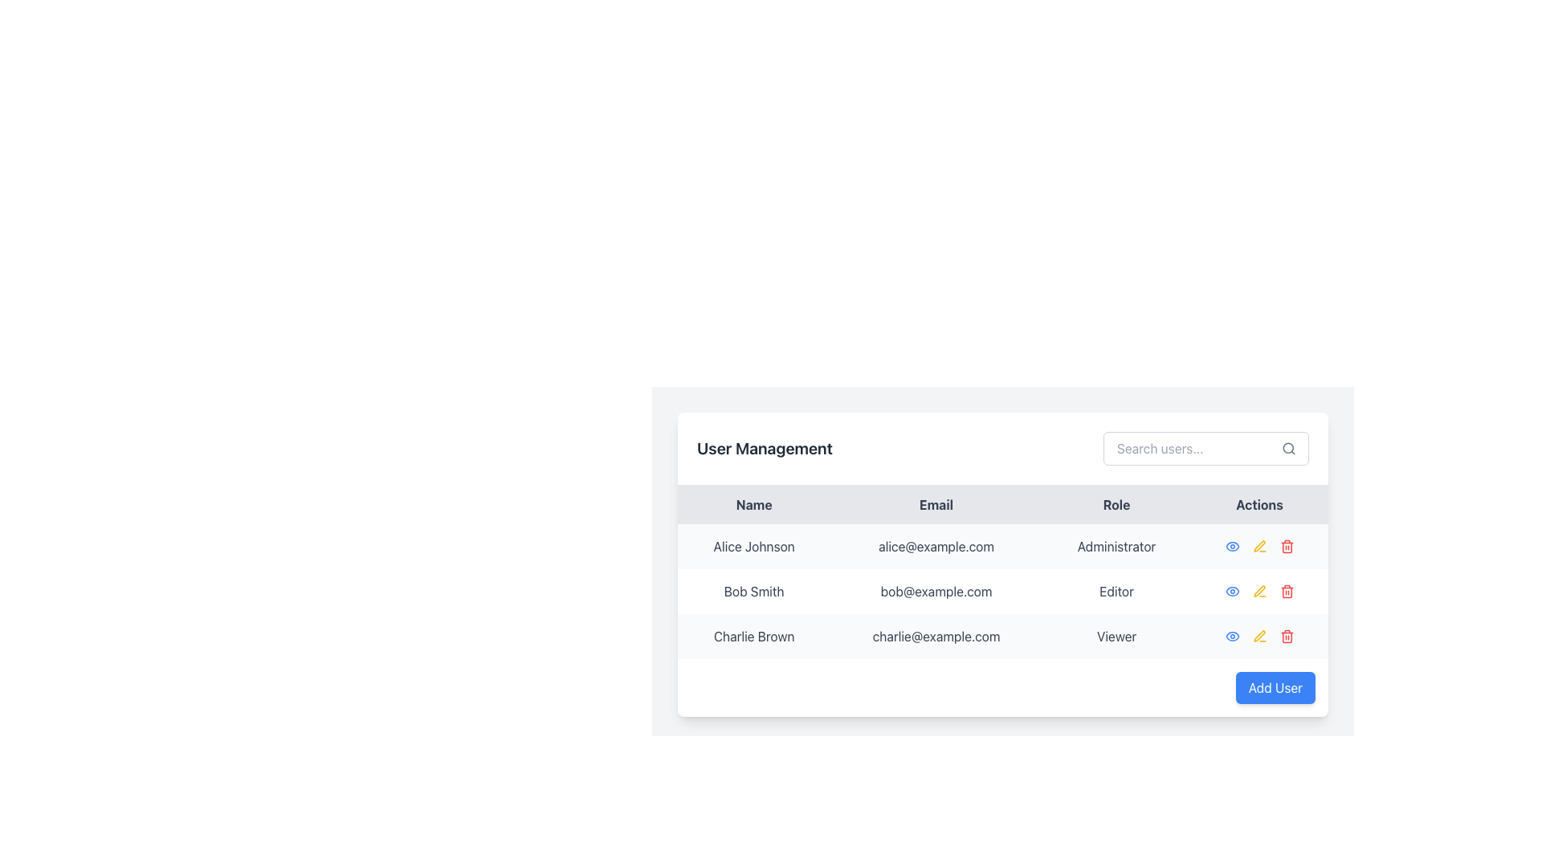 The image size is (1542, 867). I want to click on the trash icon located in the 'Actions' column of the third row in the table, so click(1287, 546).